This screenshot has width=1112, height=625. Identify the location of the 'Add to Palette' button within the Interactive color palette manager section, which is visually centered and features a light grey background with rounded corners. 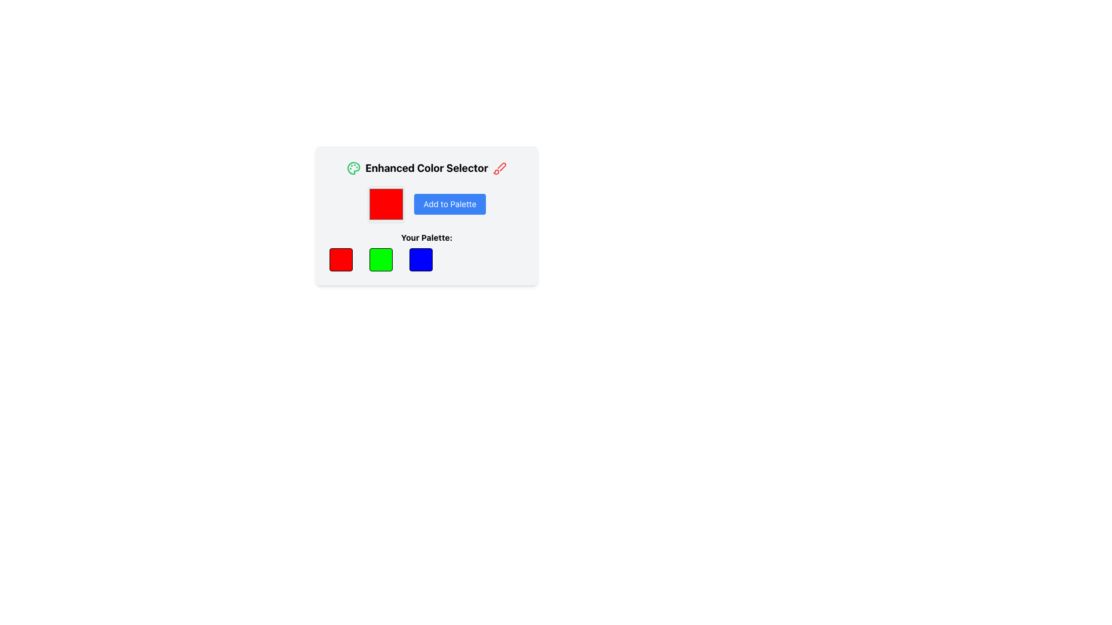
(426, 216).